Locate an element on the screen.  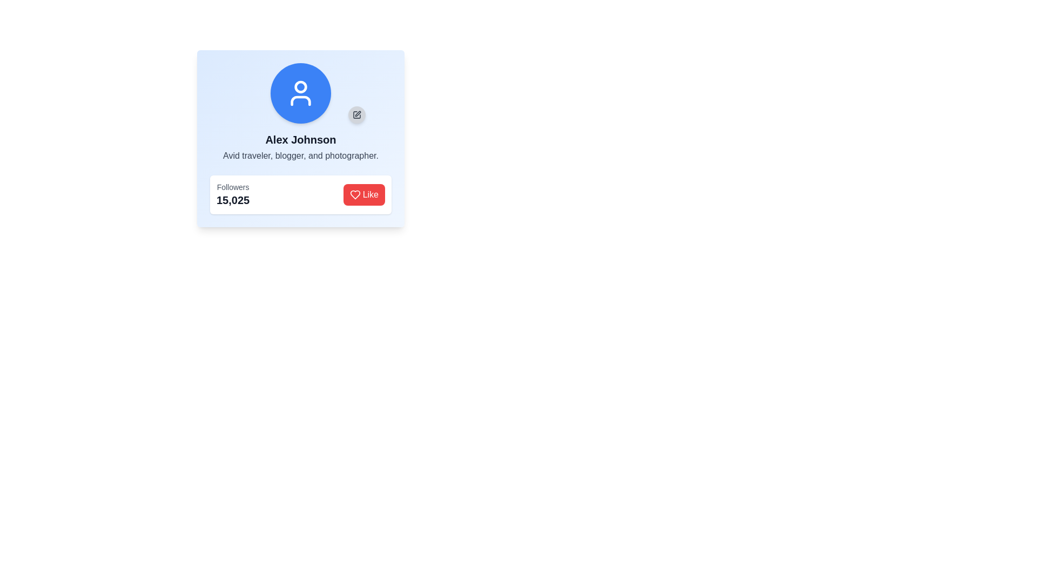
the user profile icon, which is a white line figure on a blue circular background, located at the center of the profile card above the text 'Alex Johnson' is located at coordinates (300, 93).